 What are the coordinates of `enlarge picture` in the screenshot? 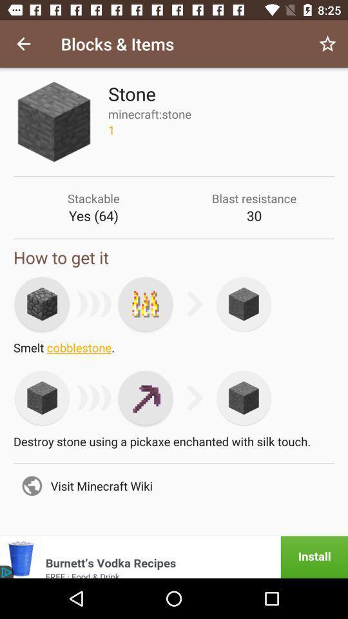 It's located at (42, 304).